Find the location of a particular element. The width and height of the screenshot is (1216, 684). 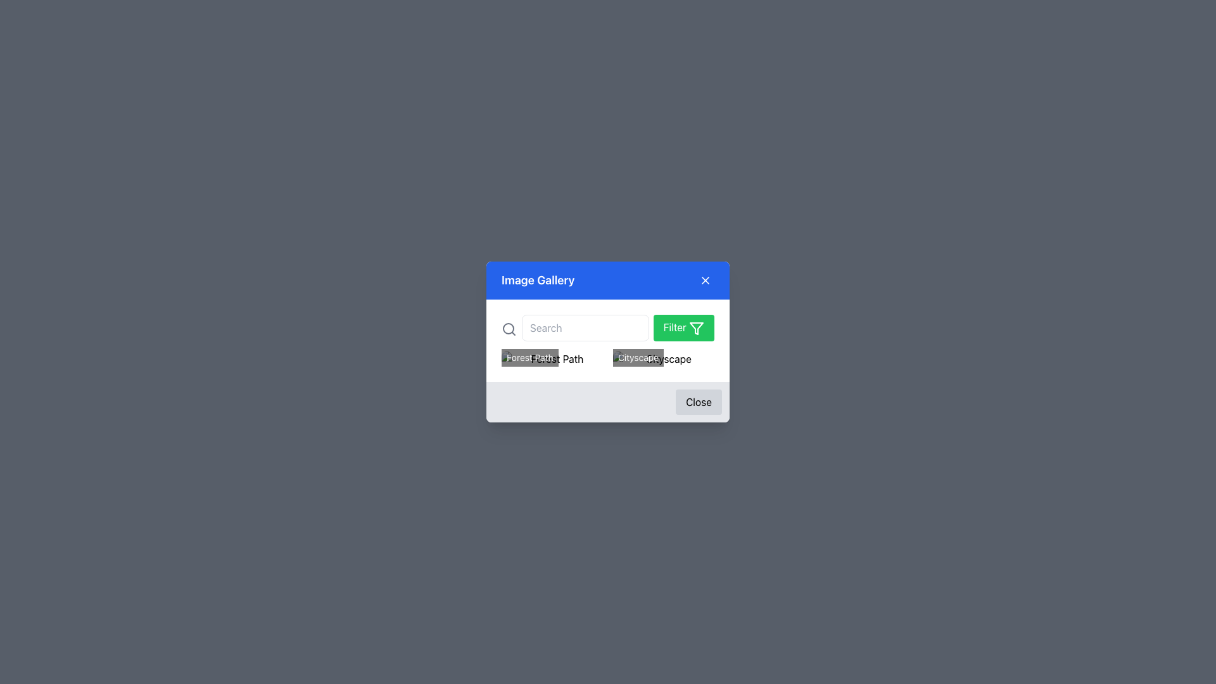

the close button located at the bottom right corner of the modal dialog footer to change its background color is located at coordinates (698, 402).